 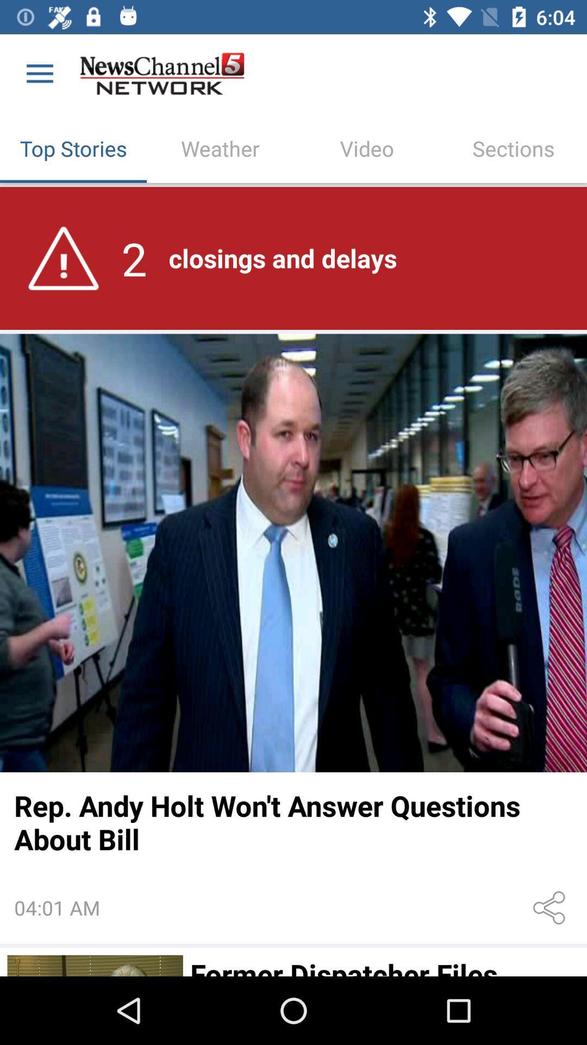 What do you see at coordinates (39, 73) in the screenshot?
I see `the icon above top stories item` at bounding box center [39, 73].